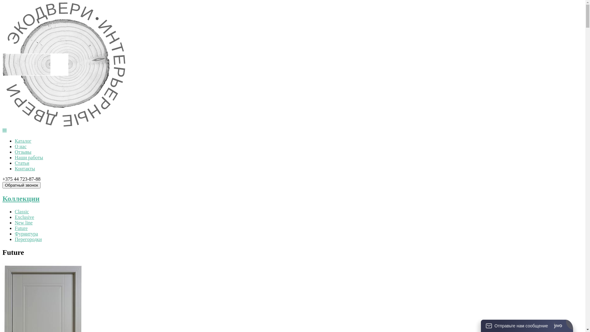  What do you see at coordinates (22, 211) in the screenshot?
I see `'Classic'` at bounding box center [22, 211].